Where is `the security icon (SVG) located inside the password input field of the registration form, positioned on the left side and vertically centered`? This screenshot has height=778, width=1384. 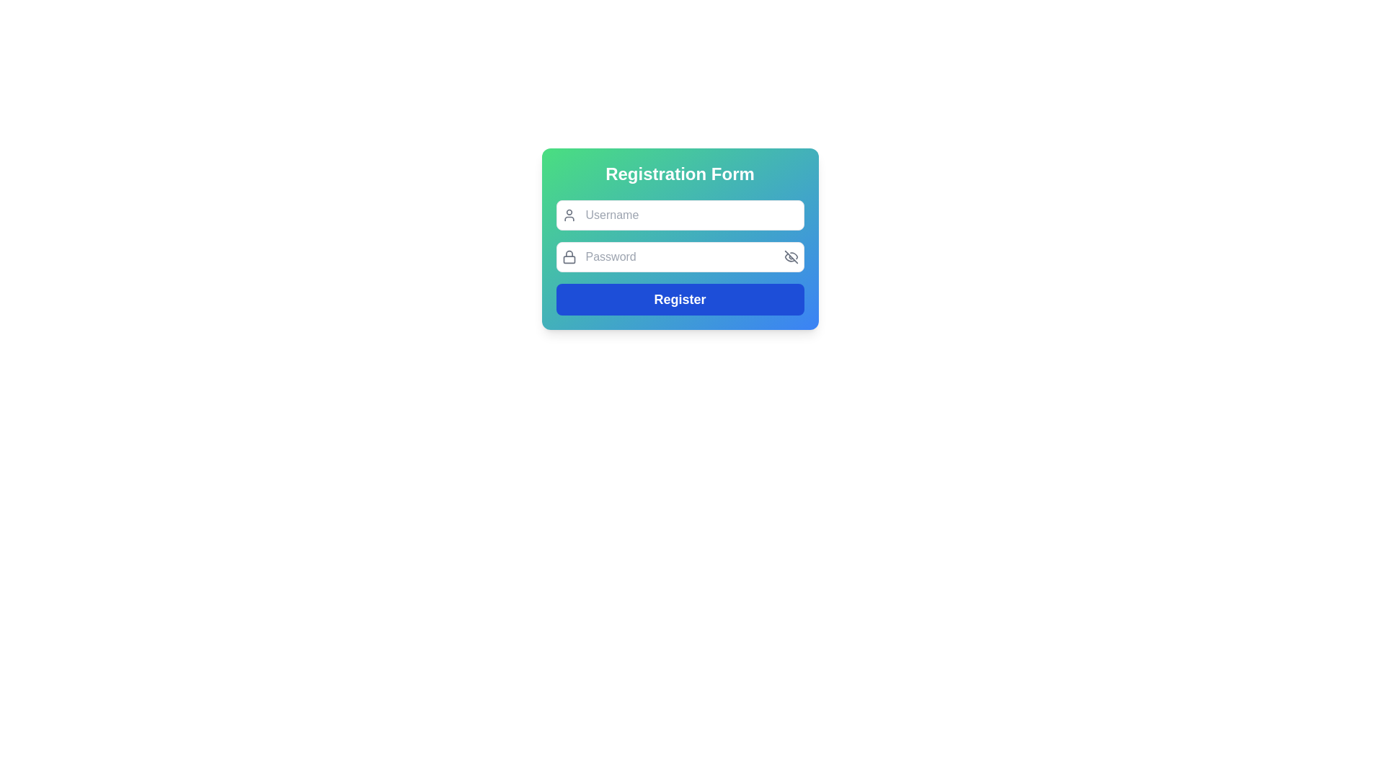
the security icon (SVG) located inside the password input field of the registration form, positioned on the left side and vertically centered is located at coordinates (568, 256).